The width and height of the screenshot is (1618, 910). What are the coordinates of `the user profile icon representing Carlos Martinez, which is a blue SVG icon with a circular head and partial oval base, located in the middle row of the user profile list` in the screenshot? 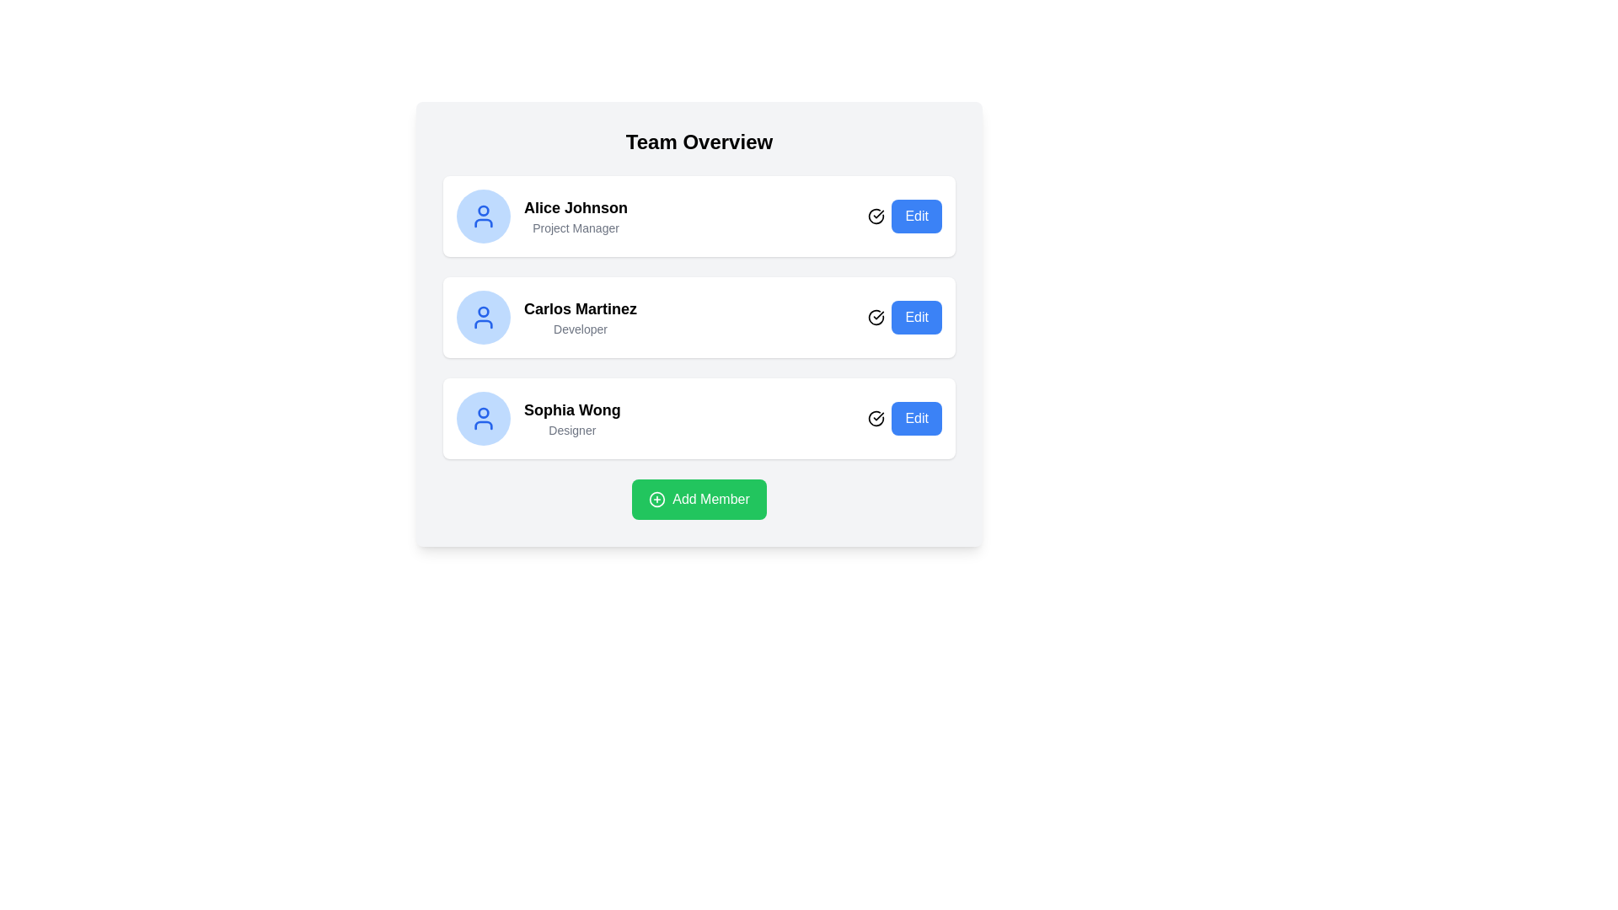 It's located at (483, 318).